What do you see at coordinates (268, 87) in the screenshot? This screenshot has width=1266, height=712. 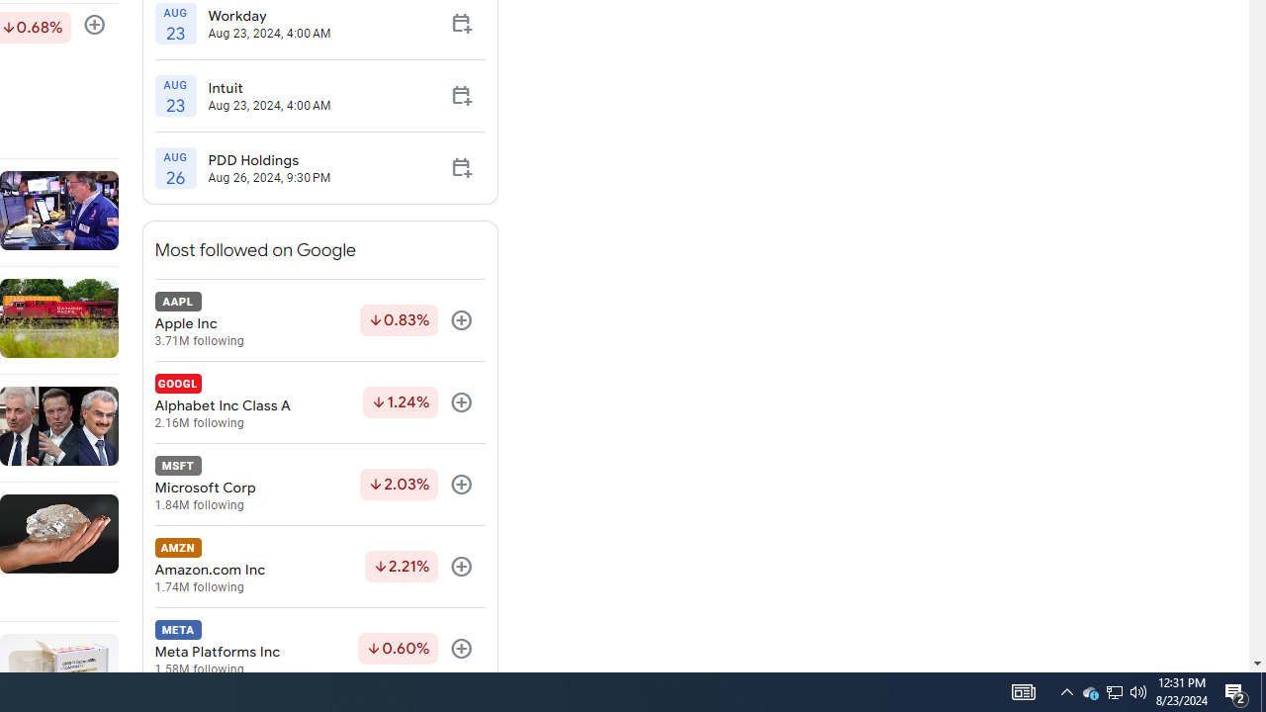 I see `'Intuit'` at bounding box center [268, 87].